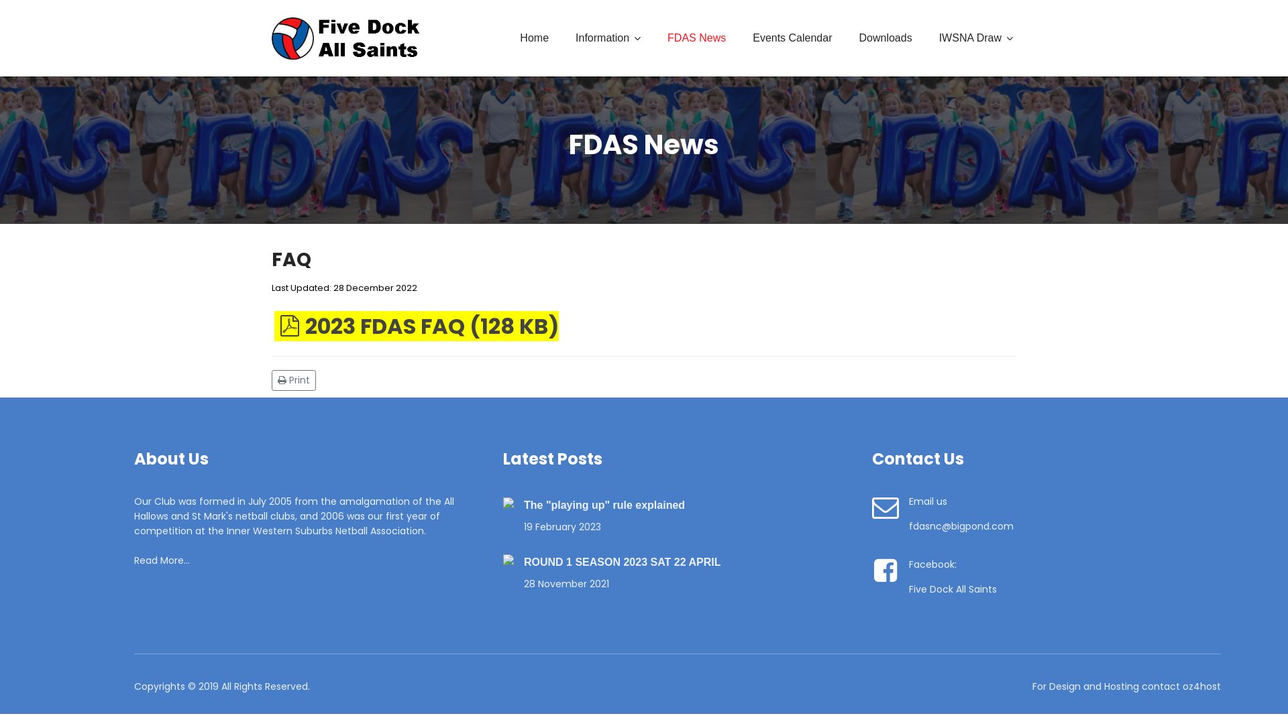 The image size is (1288, 724). Describe the element at coordinates (653, 38) in the screenshot. I see `'FDAS News'` at that location.